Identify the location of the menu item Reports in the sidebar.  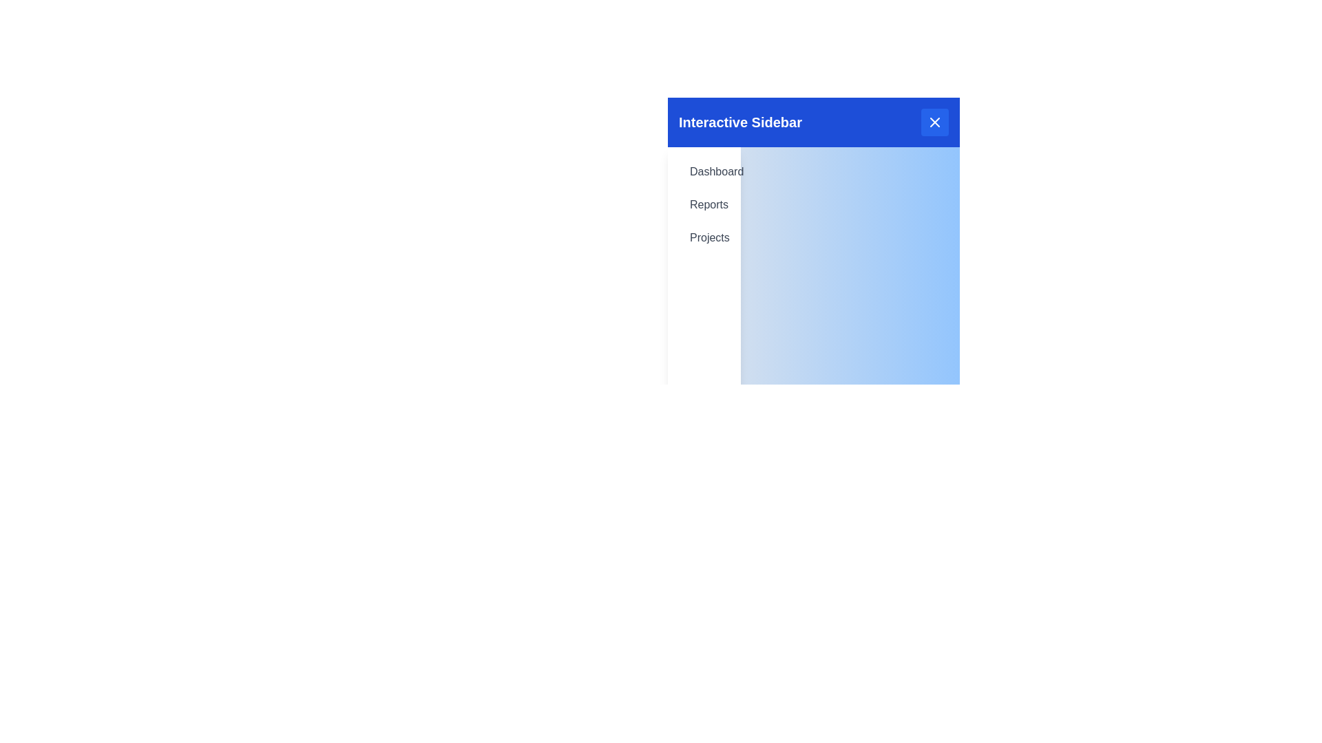
(704, 204).